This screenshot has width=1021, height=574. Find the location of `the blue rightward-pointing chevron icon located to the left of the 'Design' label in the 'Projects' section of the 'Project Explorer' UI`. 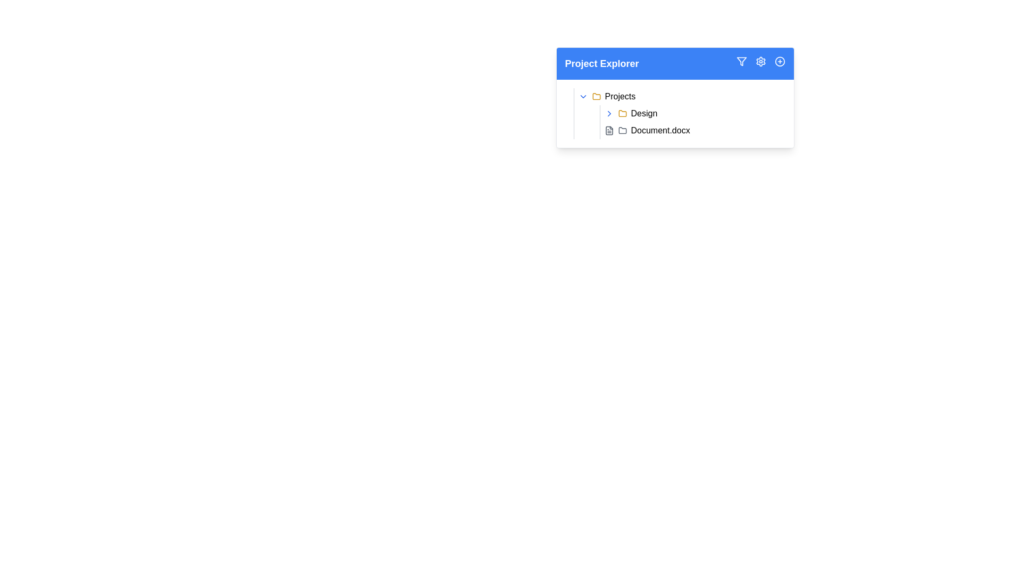

the blue rightward-pointing chevron icon located to the left of the 'Design' label in the 'Projects' section of the 'Project Explorer' UI is located at coordinates (609, 113).